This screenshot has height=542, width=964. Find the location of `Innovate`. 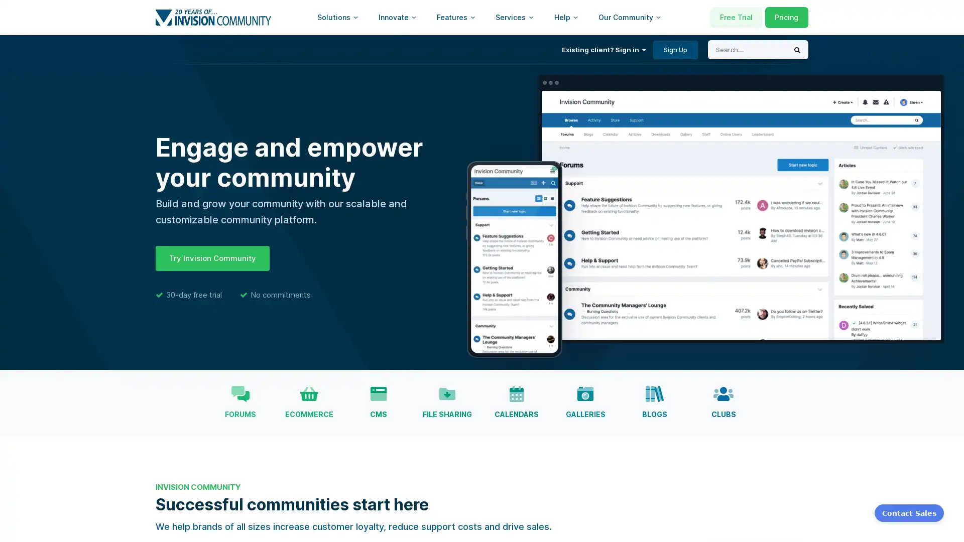

Innovate is located at coordinates (397, 17).